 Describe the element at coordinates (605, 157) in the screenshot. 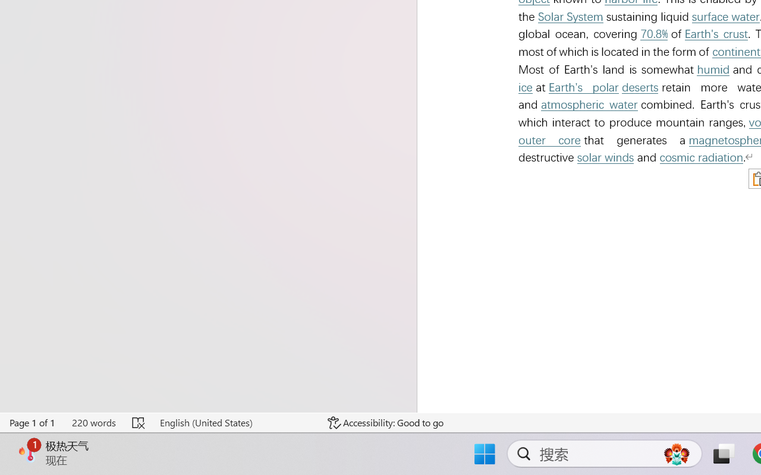

I see `'solar winds'` at that location.